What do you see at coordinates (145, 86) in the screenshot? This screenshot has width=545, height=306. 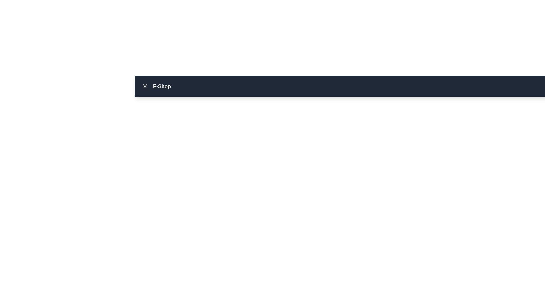 I see `the Close icon located at the left end of the horizontal dark header bar, just before the label 'E-Shop'` at bounding box center [145, 86].